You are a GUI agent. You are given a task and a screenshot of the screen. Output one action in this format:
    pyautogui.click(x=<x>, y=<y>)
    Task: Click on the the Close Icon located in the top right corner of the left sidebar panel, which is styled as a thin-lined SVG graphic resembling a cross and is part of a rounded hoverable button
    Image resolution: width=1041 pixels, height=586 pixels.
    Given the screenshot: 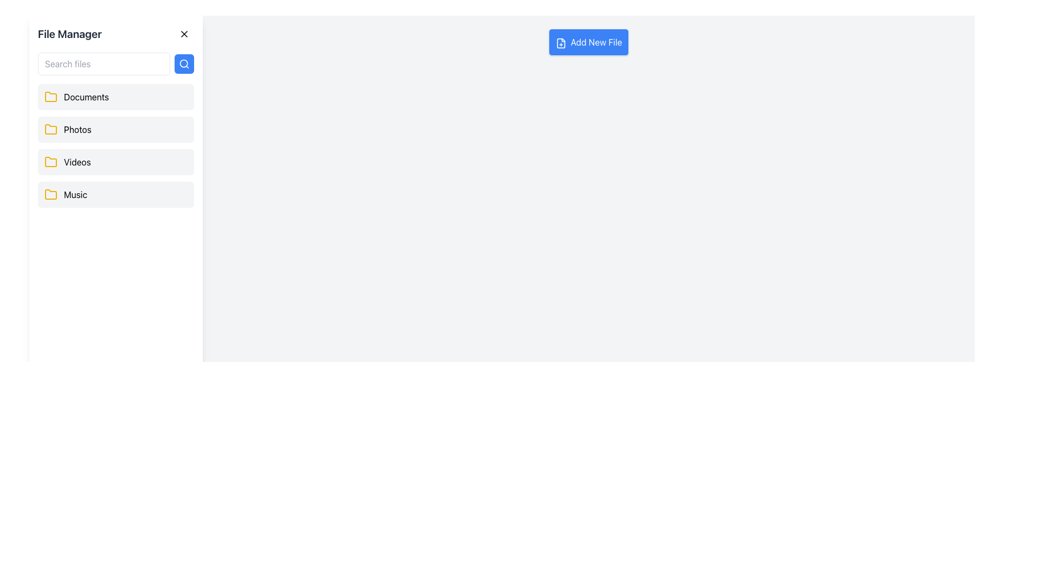 What is the action you would take?
    pyautogui.click(x=184, y=33)
    